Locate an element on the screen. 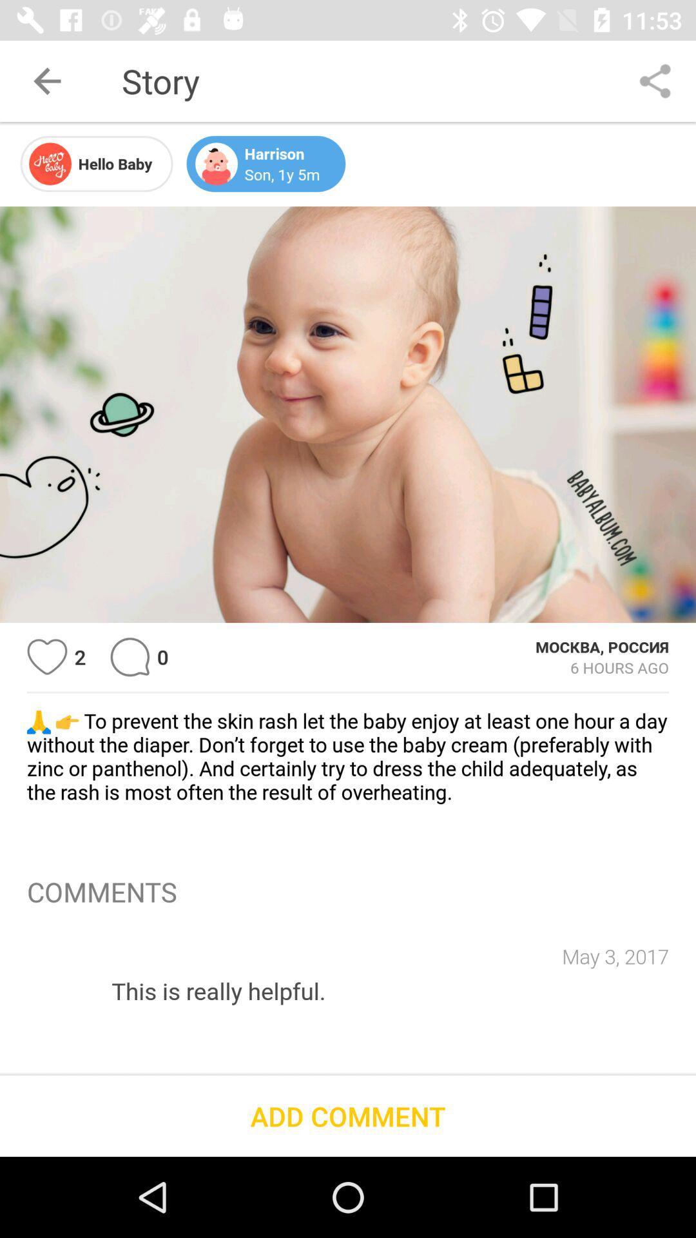  the chat icon is located at coordinates (130, 657).